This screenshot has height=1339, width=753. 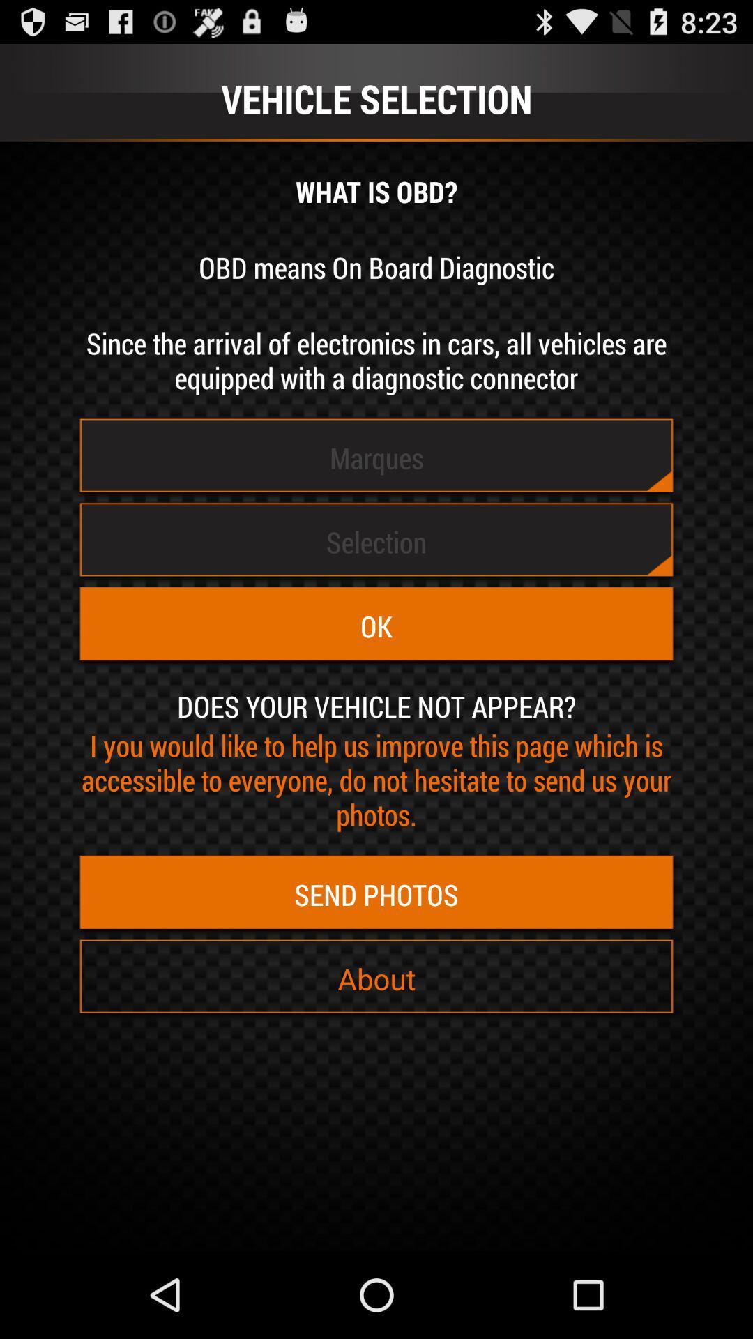 I want to click on the item below since the arrival, so click(x=376, y=457).